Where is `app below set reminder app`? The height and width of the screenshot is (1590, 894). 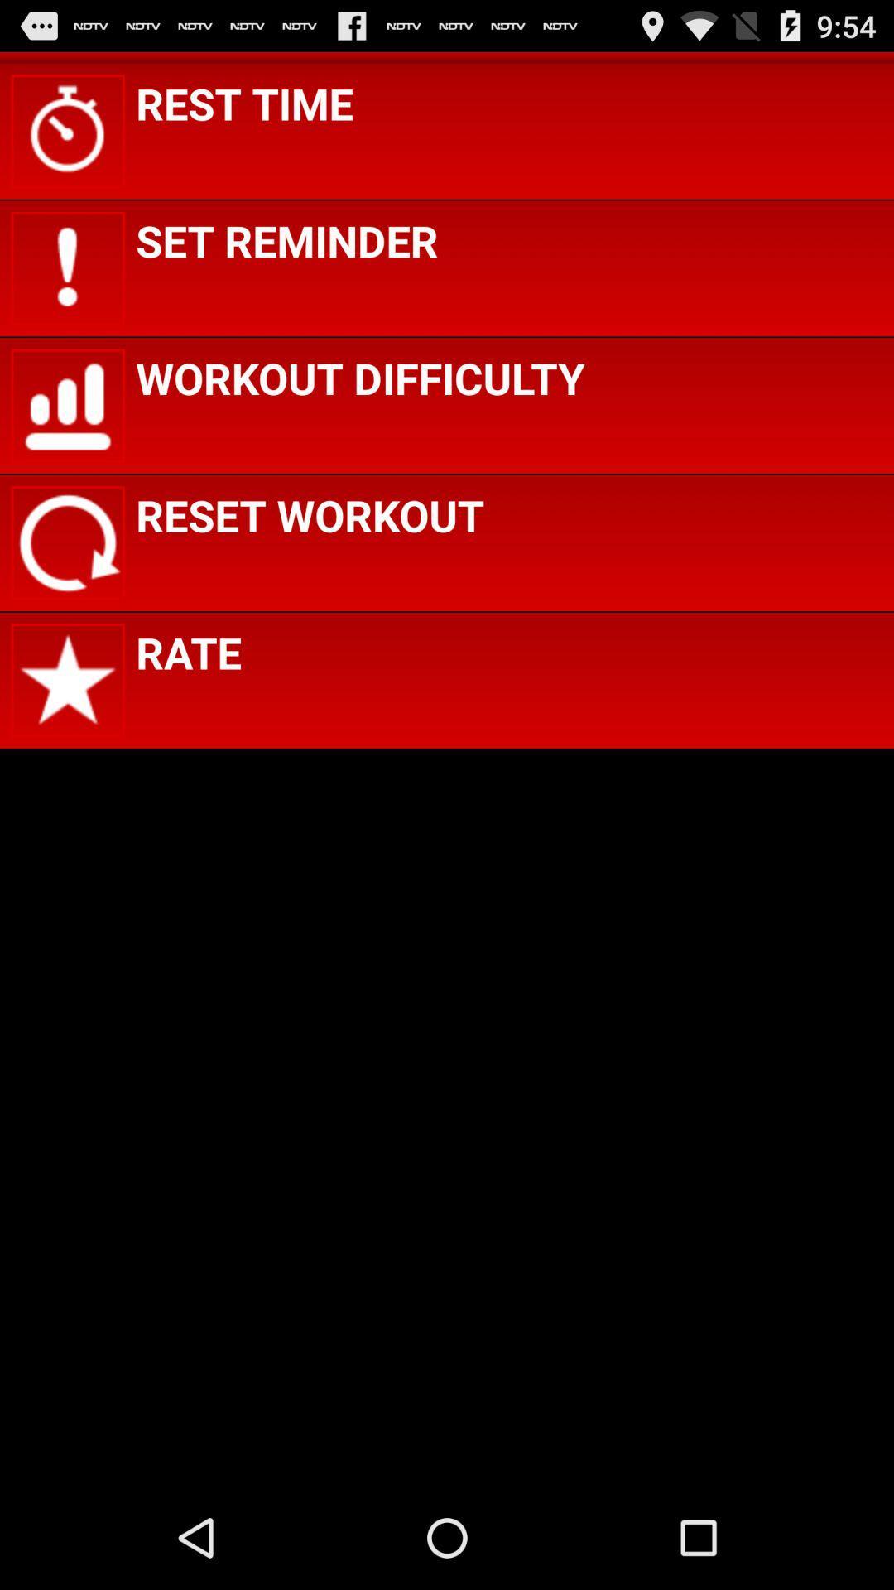 app below set reminder app is located at coordinates (359, 377).